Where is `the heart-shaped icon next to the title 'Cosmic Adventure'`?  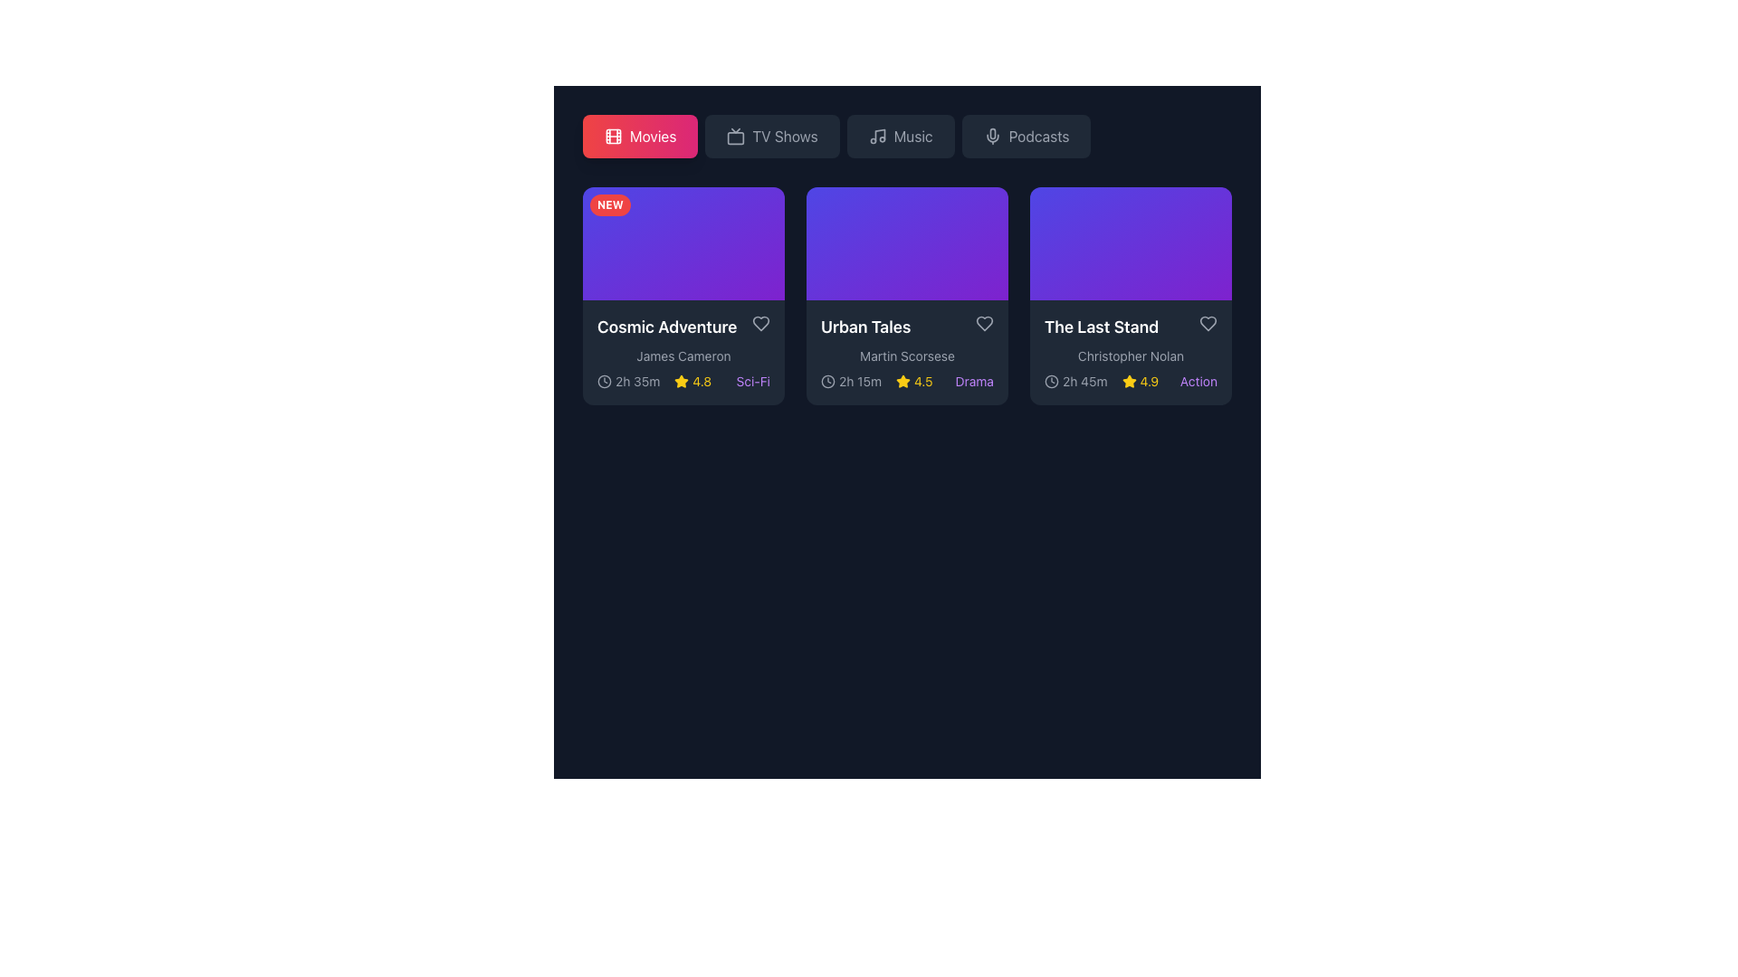
the heart-shaped icon next to the title 'Cosmic Adventure' is located at coordinates (760, 323).